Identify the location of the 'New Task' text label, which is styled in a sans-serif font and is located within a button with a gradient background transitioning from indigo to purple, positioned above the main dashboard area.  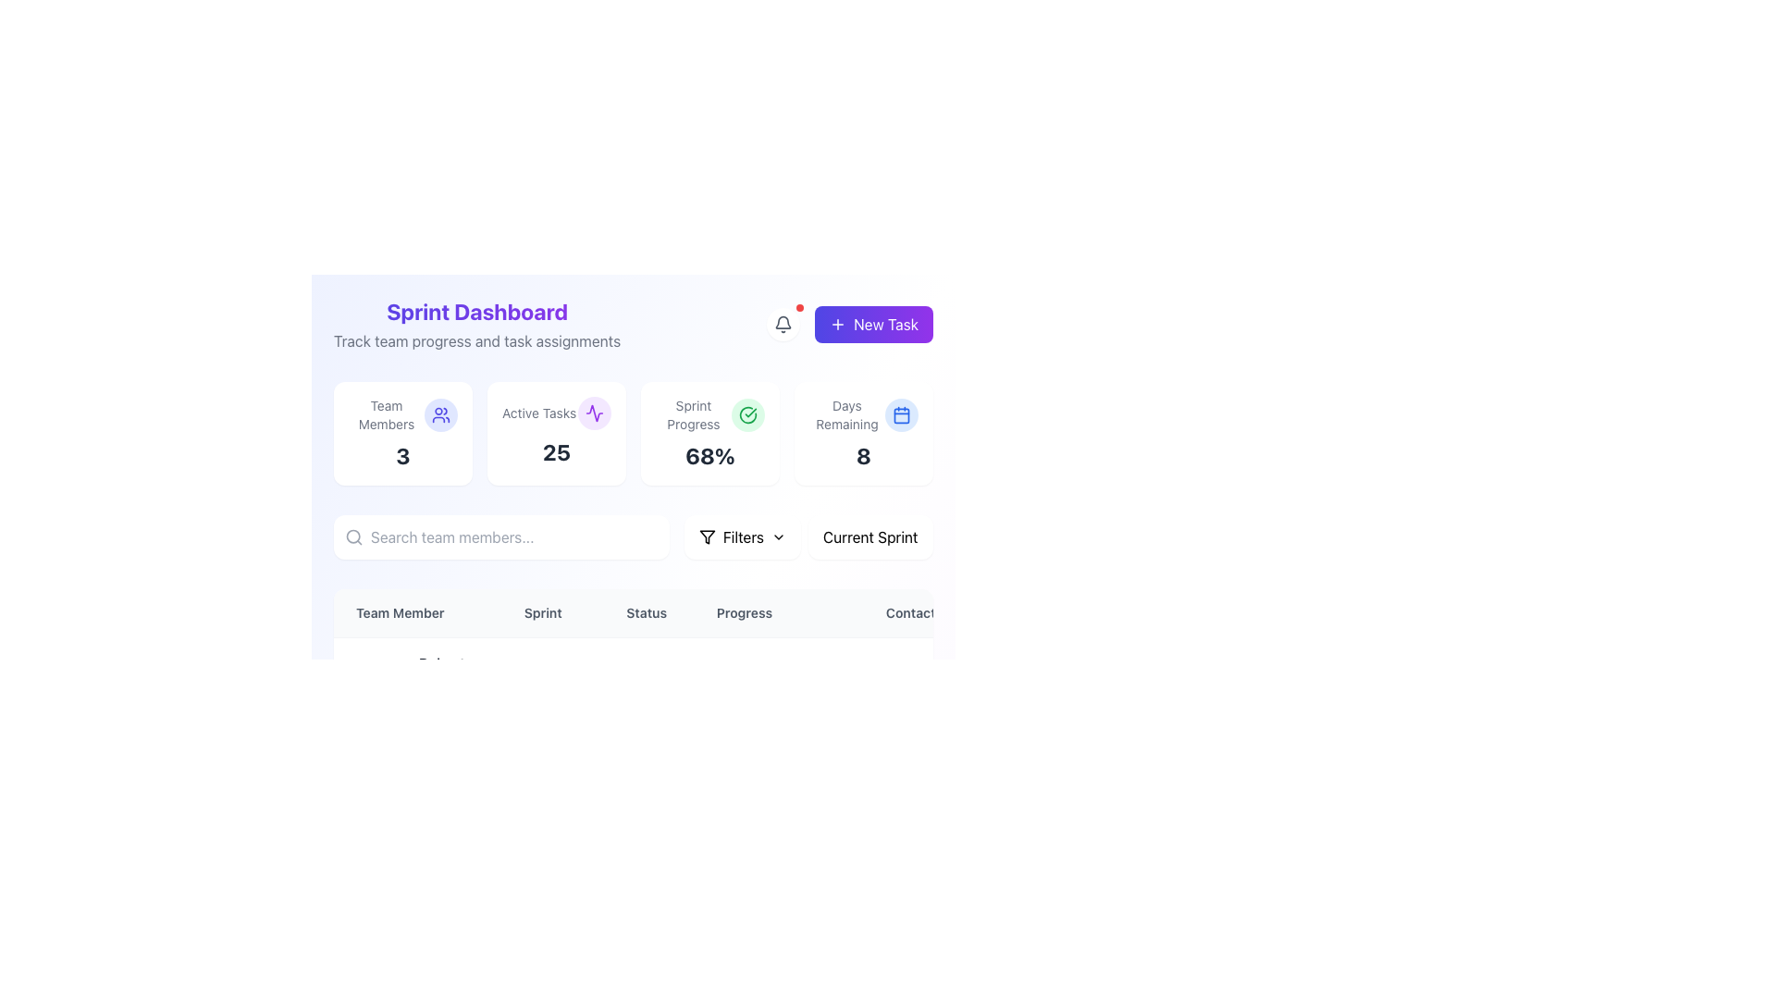
(885, 324).